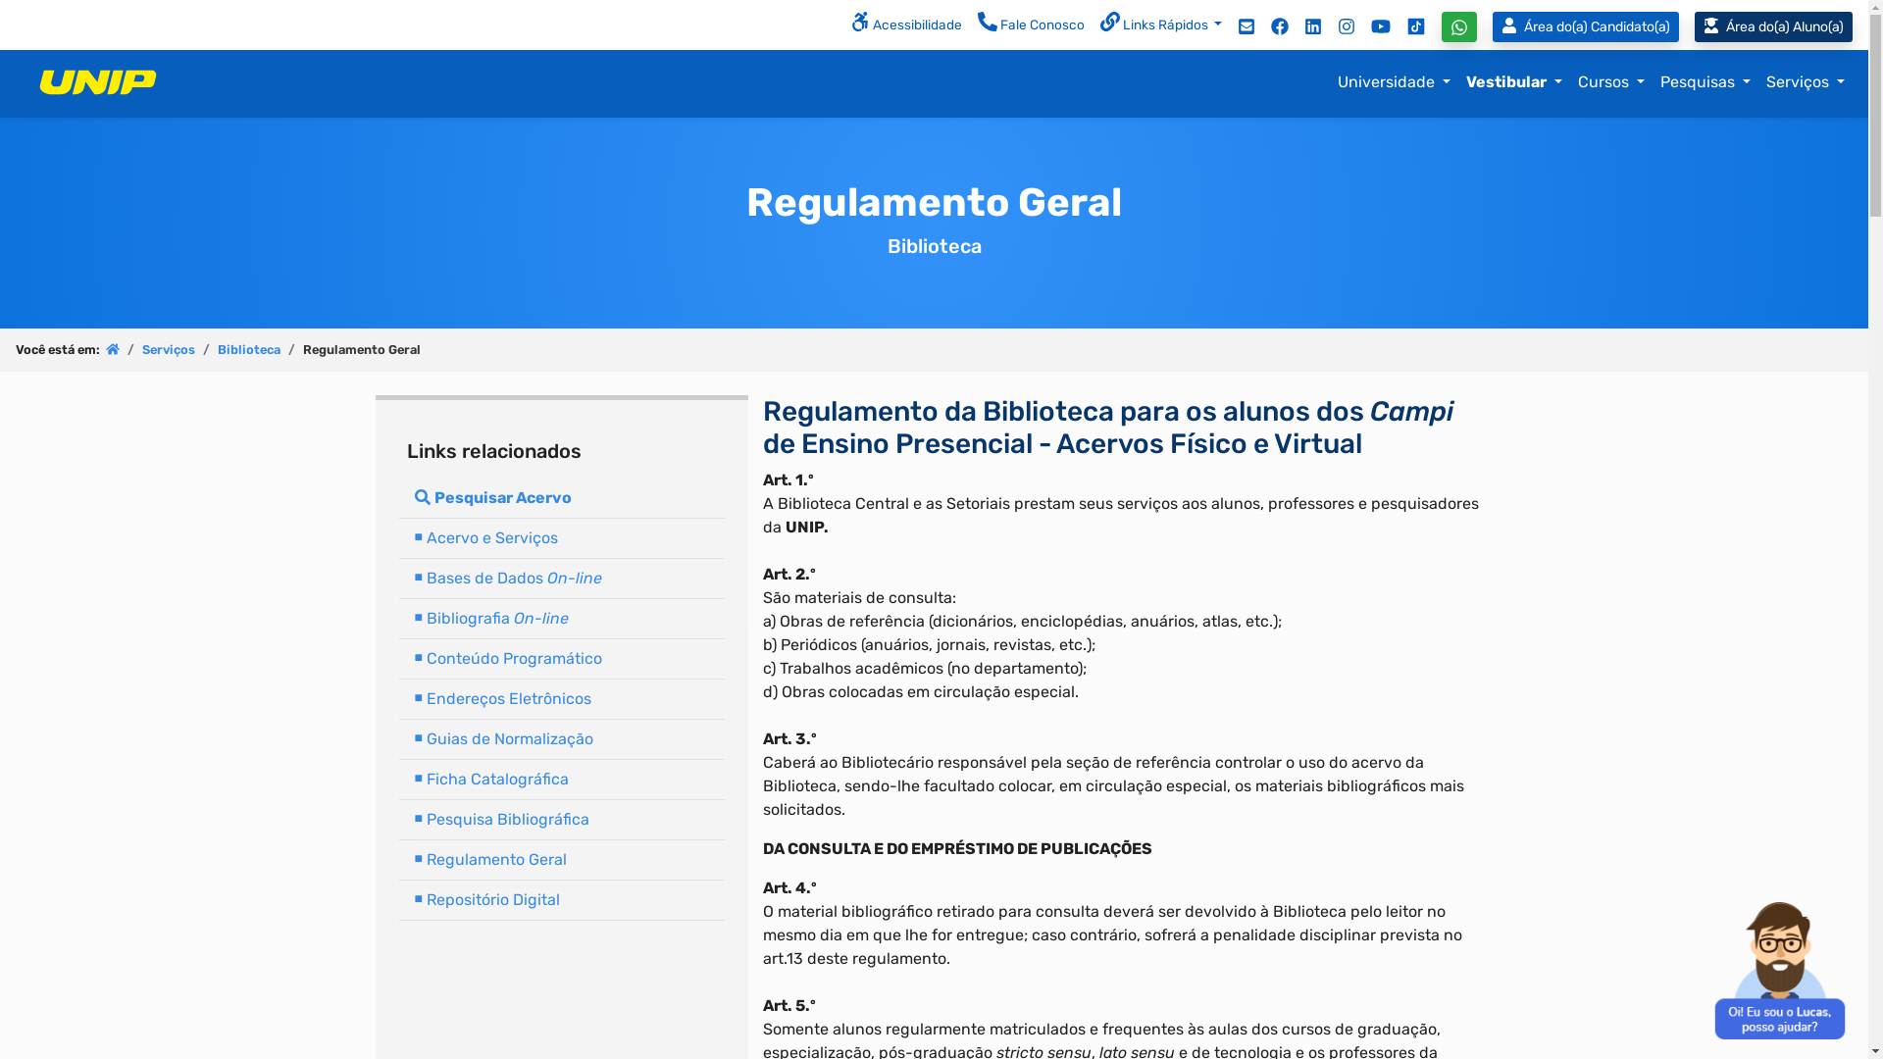 The height and width of the screenshot is (1059, 1883). Describe the element at coordinates (1586, 26) in the screenshot. I see `'Candidato(a)'` at that location.